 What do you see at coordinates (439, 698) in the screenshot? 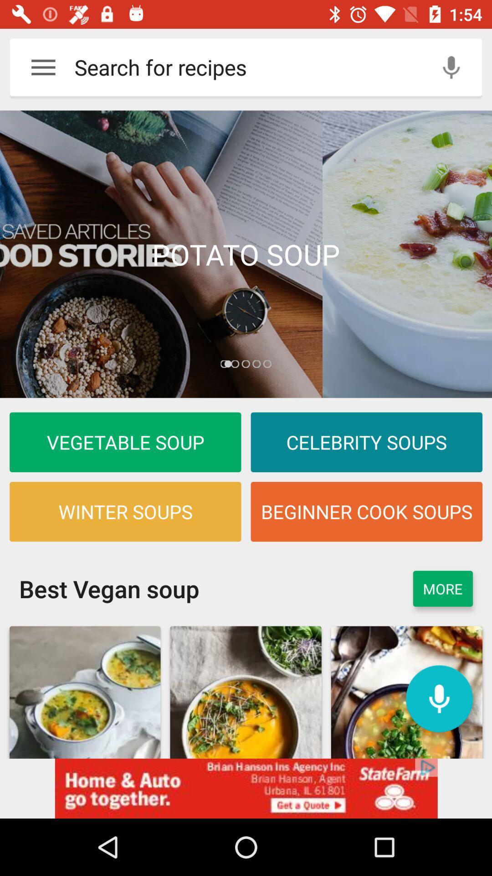
I see `mick` at bounding box center [439, 698].